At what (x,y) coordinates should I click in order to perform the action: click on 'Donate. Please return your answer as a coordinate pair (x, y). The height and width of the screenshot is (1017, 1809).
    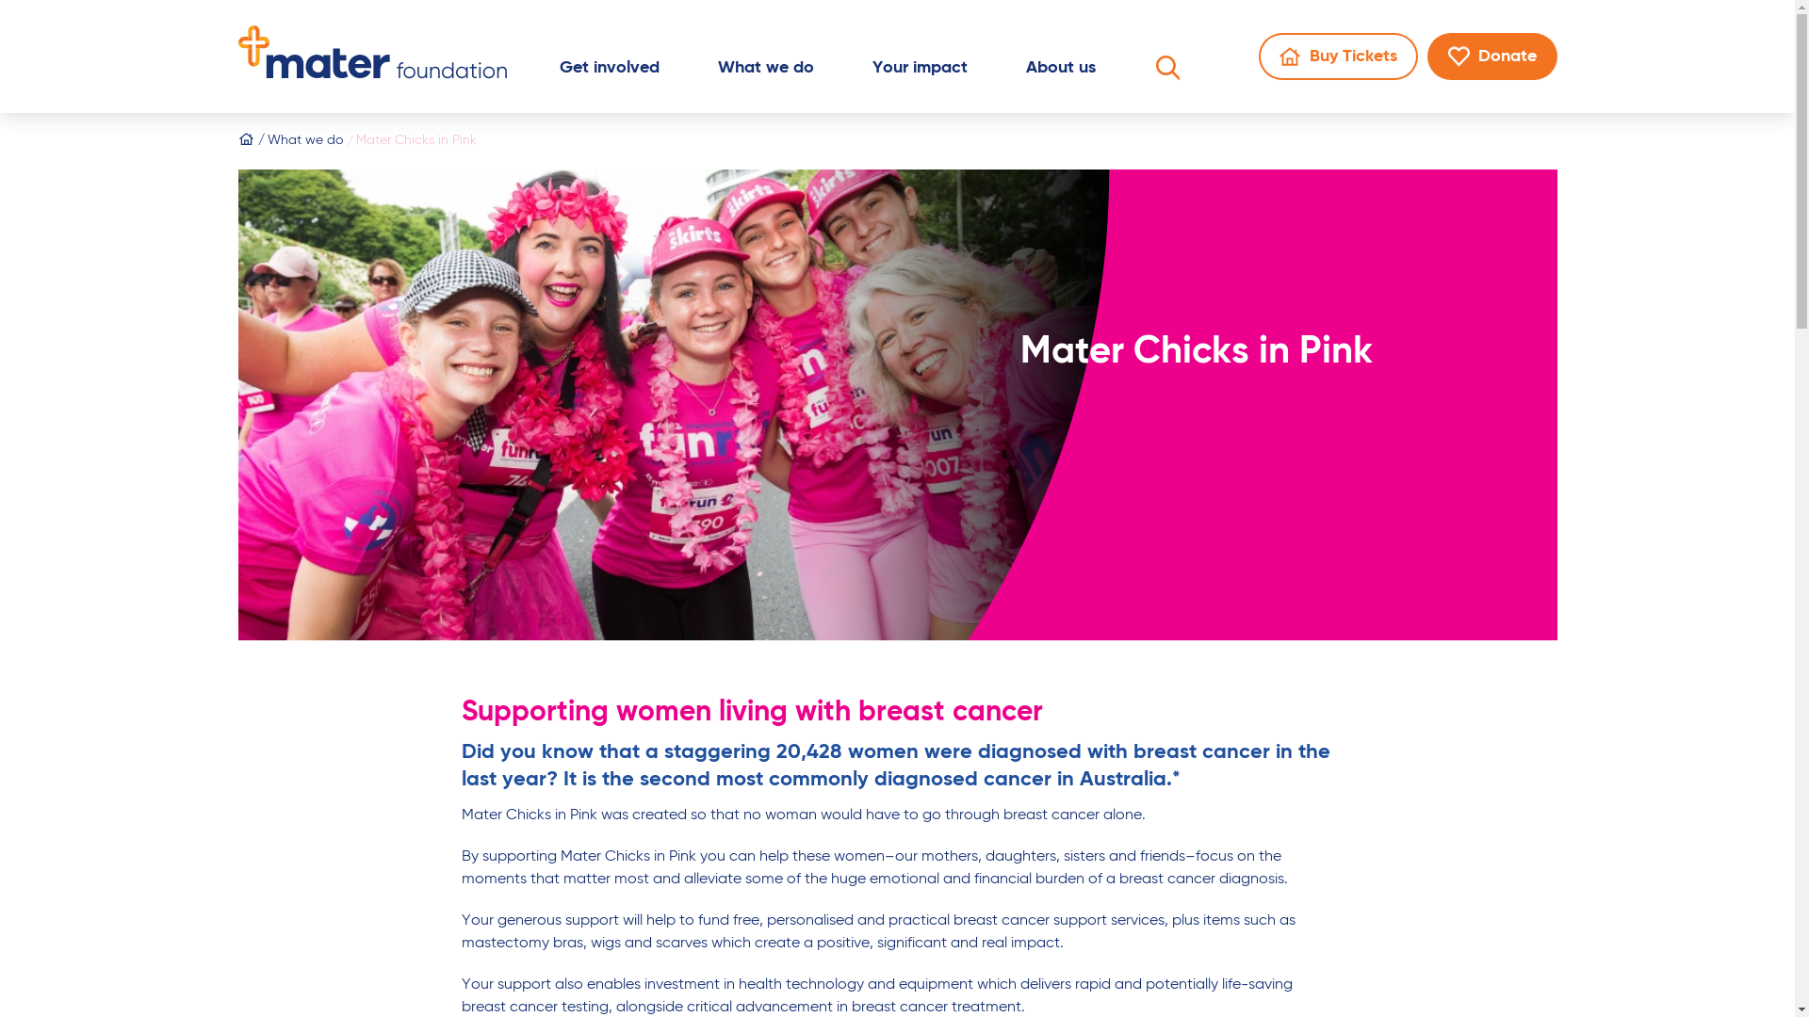
    Looking at the image, I should click on (1491, 56).